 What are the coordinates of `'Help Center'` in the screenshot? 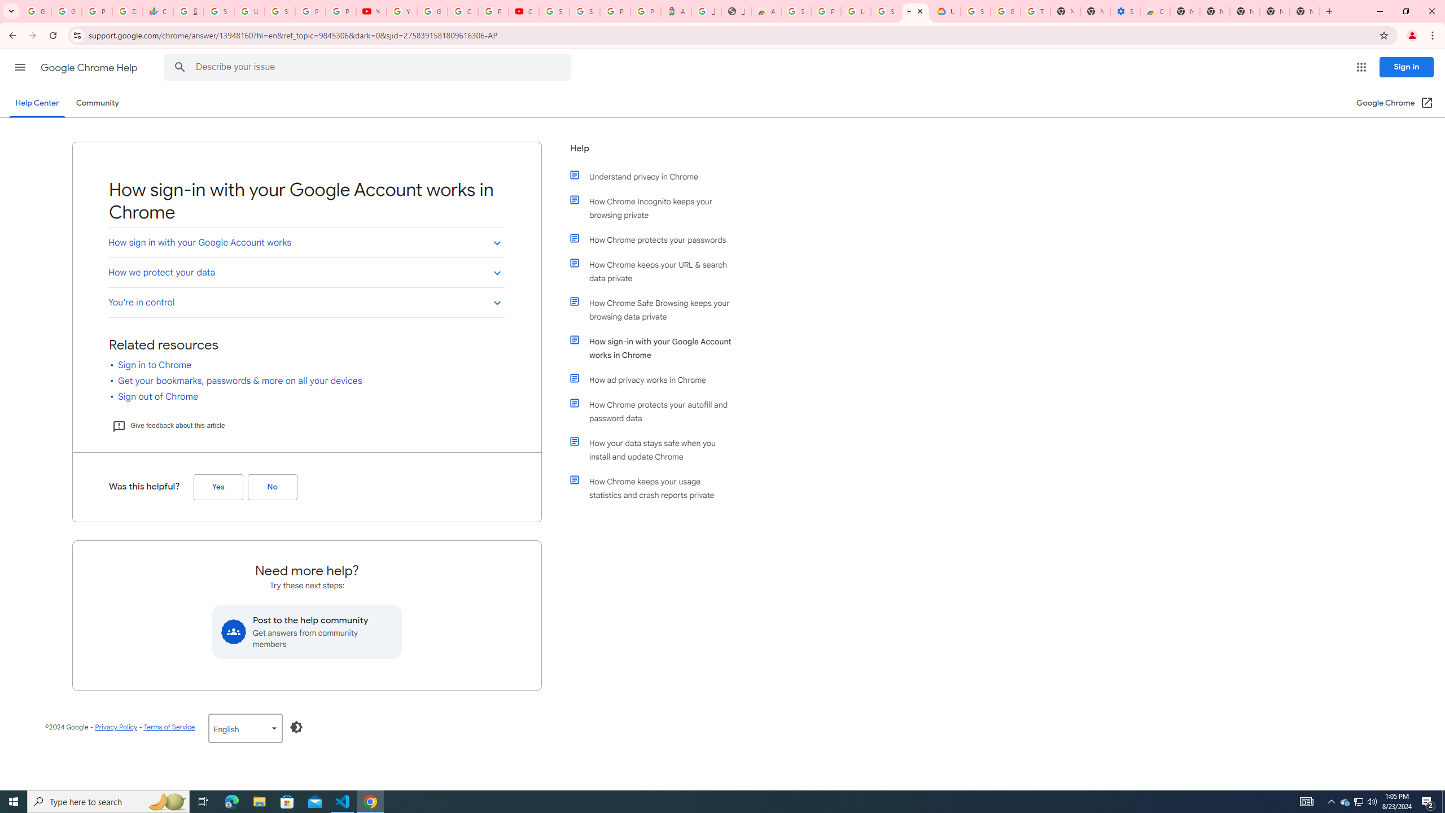 It's located at (37, 102).